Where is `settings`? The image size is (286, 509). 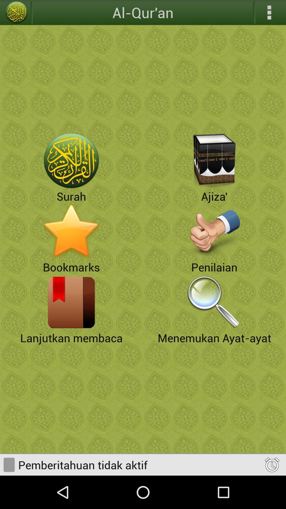 settings is located at coordinates (269, 12).